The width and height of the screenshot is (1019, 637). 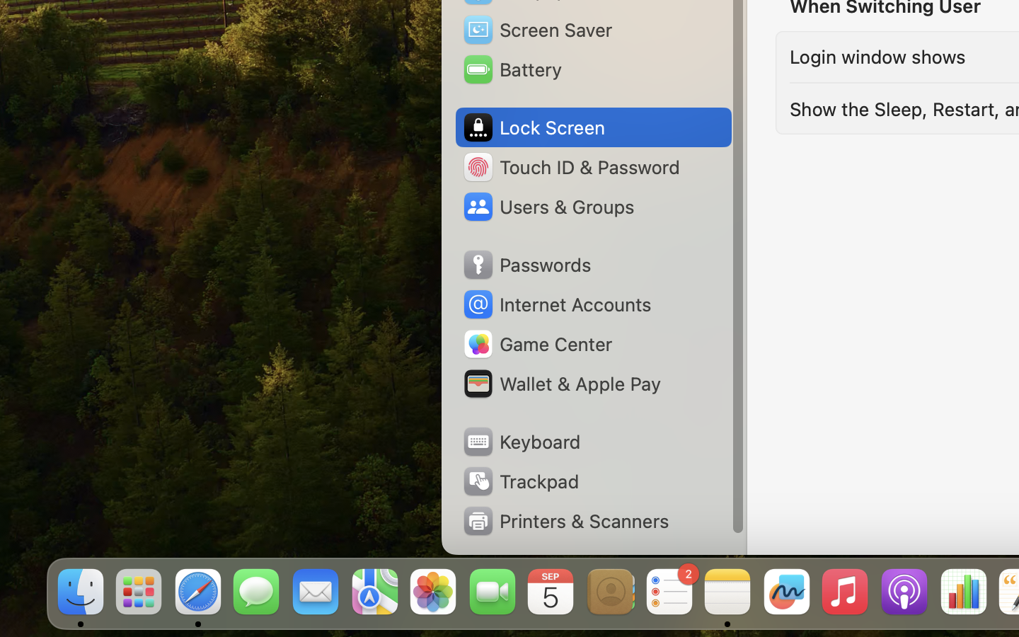 What do you see at coordinates (519, 441) in the screenshot?
I see `'Keyboard'` at bounding box center [519, 441].